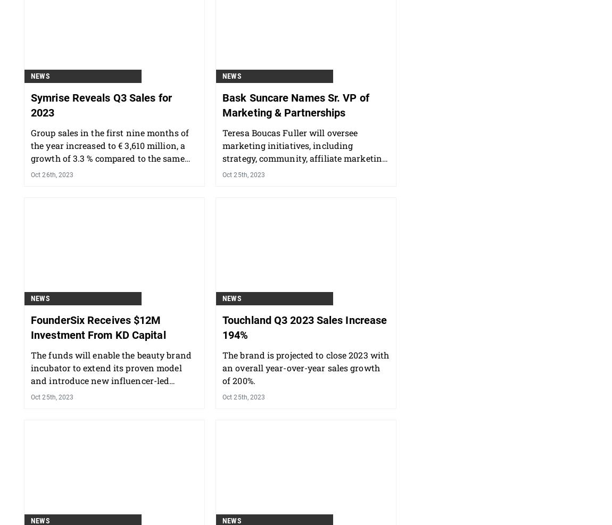  What do you see at coordinates (30, 207) in the screenshot?
I see `'Group sales in the first nine months of the year increased to € 3,610 million, a growth of 3.3 % compared to the same period of the previous year.'` at bounding box center [30, 207].